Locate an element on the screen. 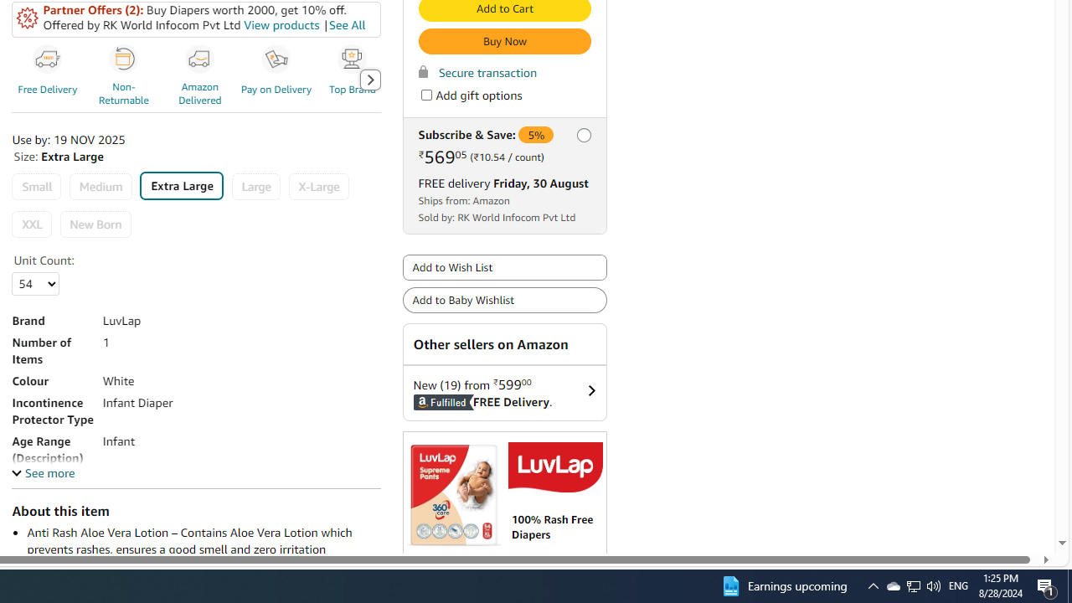 Image resolution: width=1072 pixels, height=603 pixels. 'Non-Returnable' is located at coordinates (123, 59).